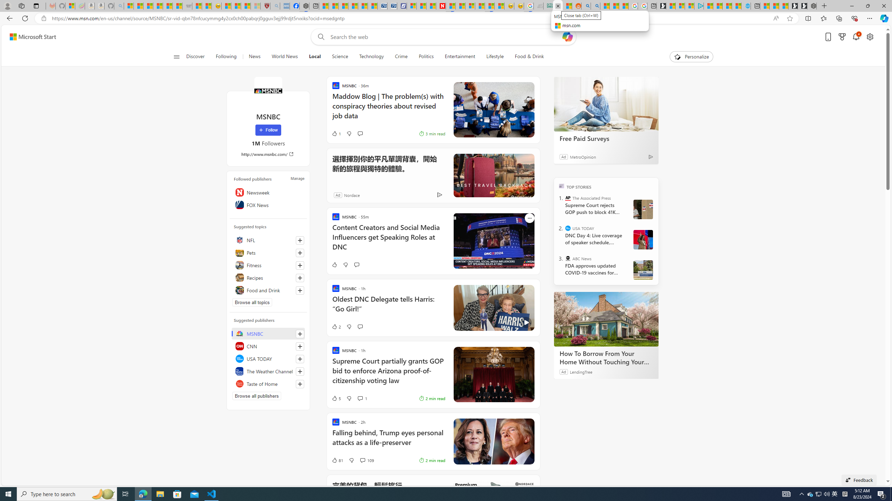  I want to click on 'Crime', so click(401, 56).